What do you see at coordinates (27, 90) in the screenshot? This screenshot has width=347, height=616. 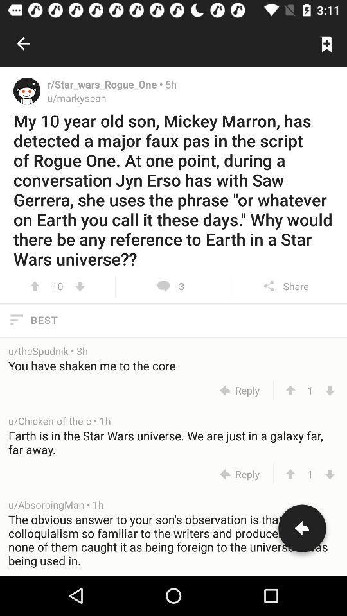 I see `bring up a user` at bounding box center [27, 90].